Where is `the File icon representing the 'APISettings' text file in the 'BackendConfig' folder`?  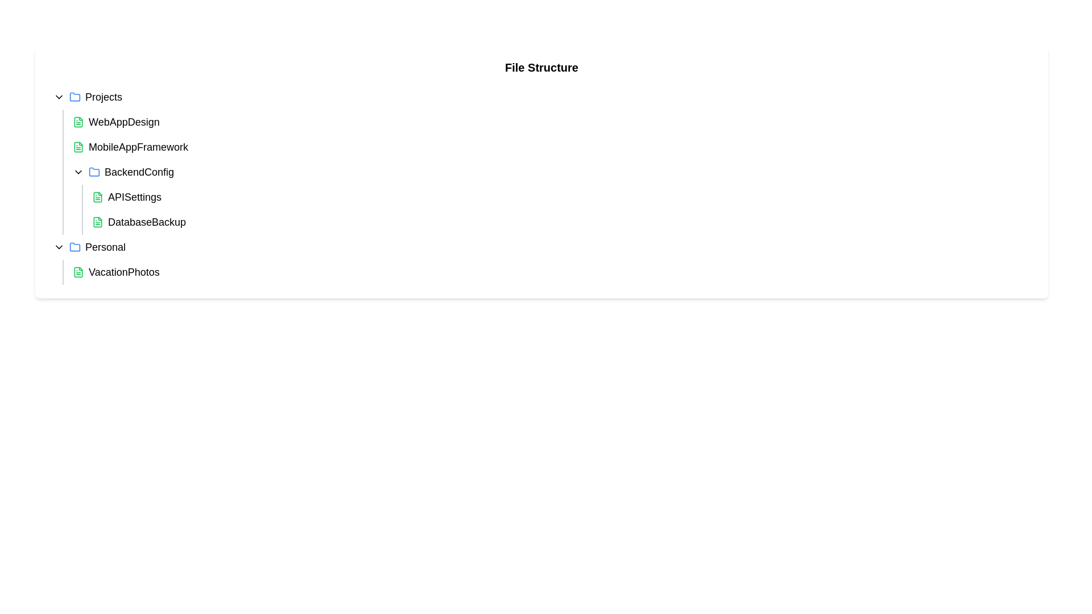 the File icon representing the 'APISettings' text file in the 'BackendConfig' folder is located at coordinates (98, 197).